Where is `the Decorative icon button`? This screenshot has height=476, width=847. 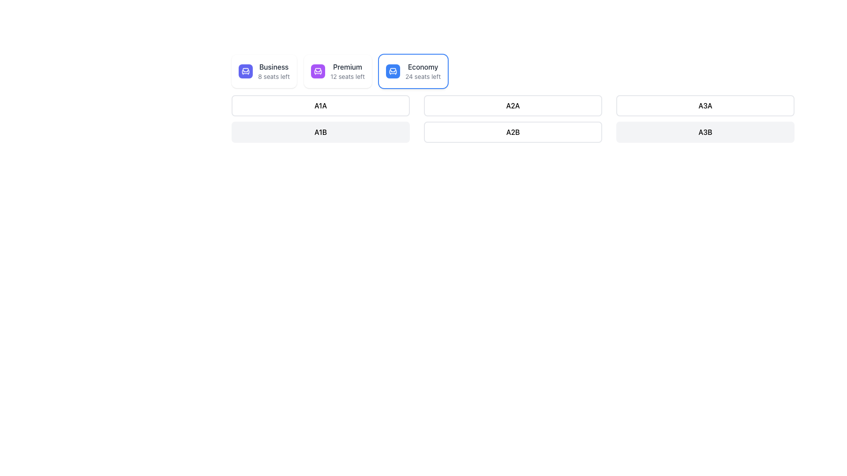 the Decorative icon button is located at coordinates (318, 71).